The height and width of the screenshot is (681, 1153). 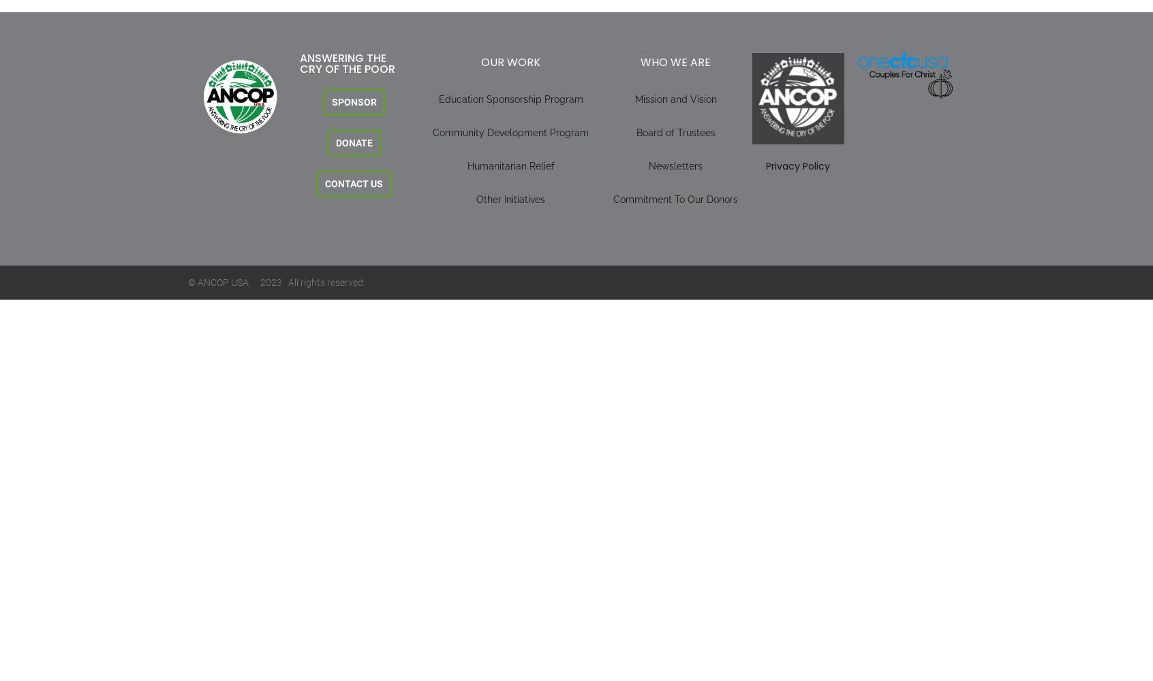 What do you see at coordinates (675, 61) in the screenshot?
I see `'WHO WE ARE'` at bounding box center [675, 61].